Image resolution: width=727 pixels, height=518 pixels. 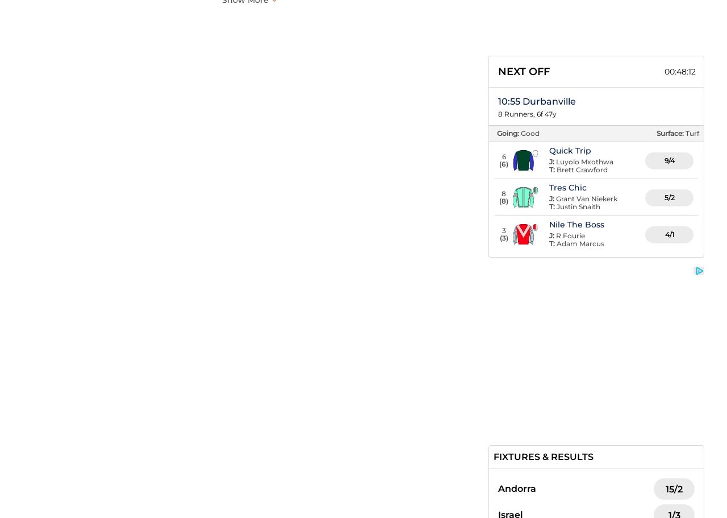 What do you see at coordinates (549, 150) in the screenshot?
I see `'Quick Trip'` at bounding box center [549, 150].